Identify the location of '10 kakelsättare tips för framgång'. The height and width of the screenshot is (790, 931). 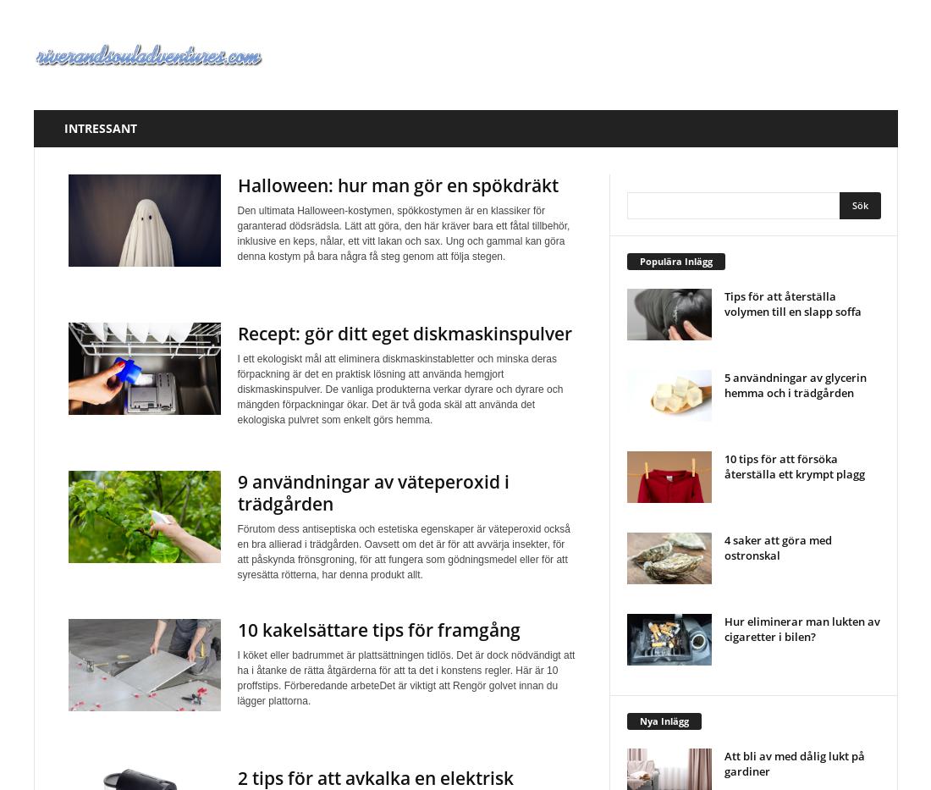
(377, 628).